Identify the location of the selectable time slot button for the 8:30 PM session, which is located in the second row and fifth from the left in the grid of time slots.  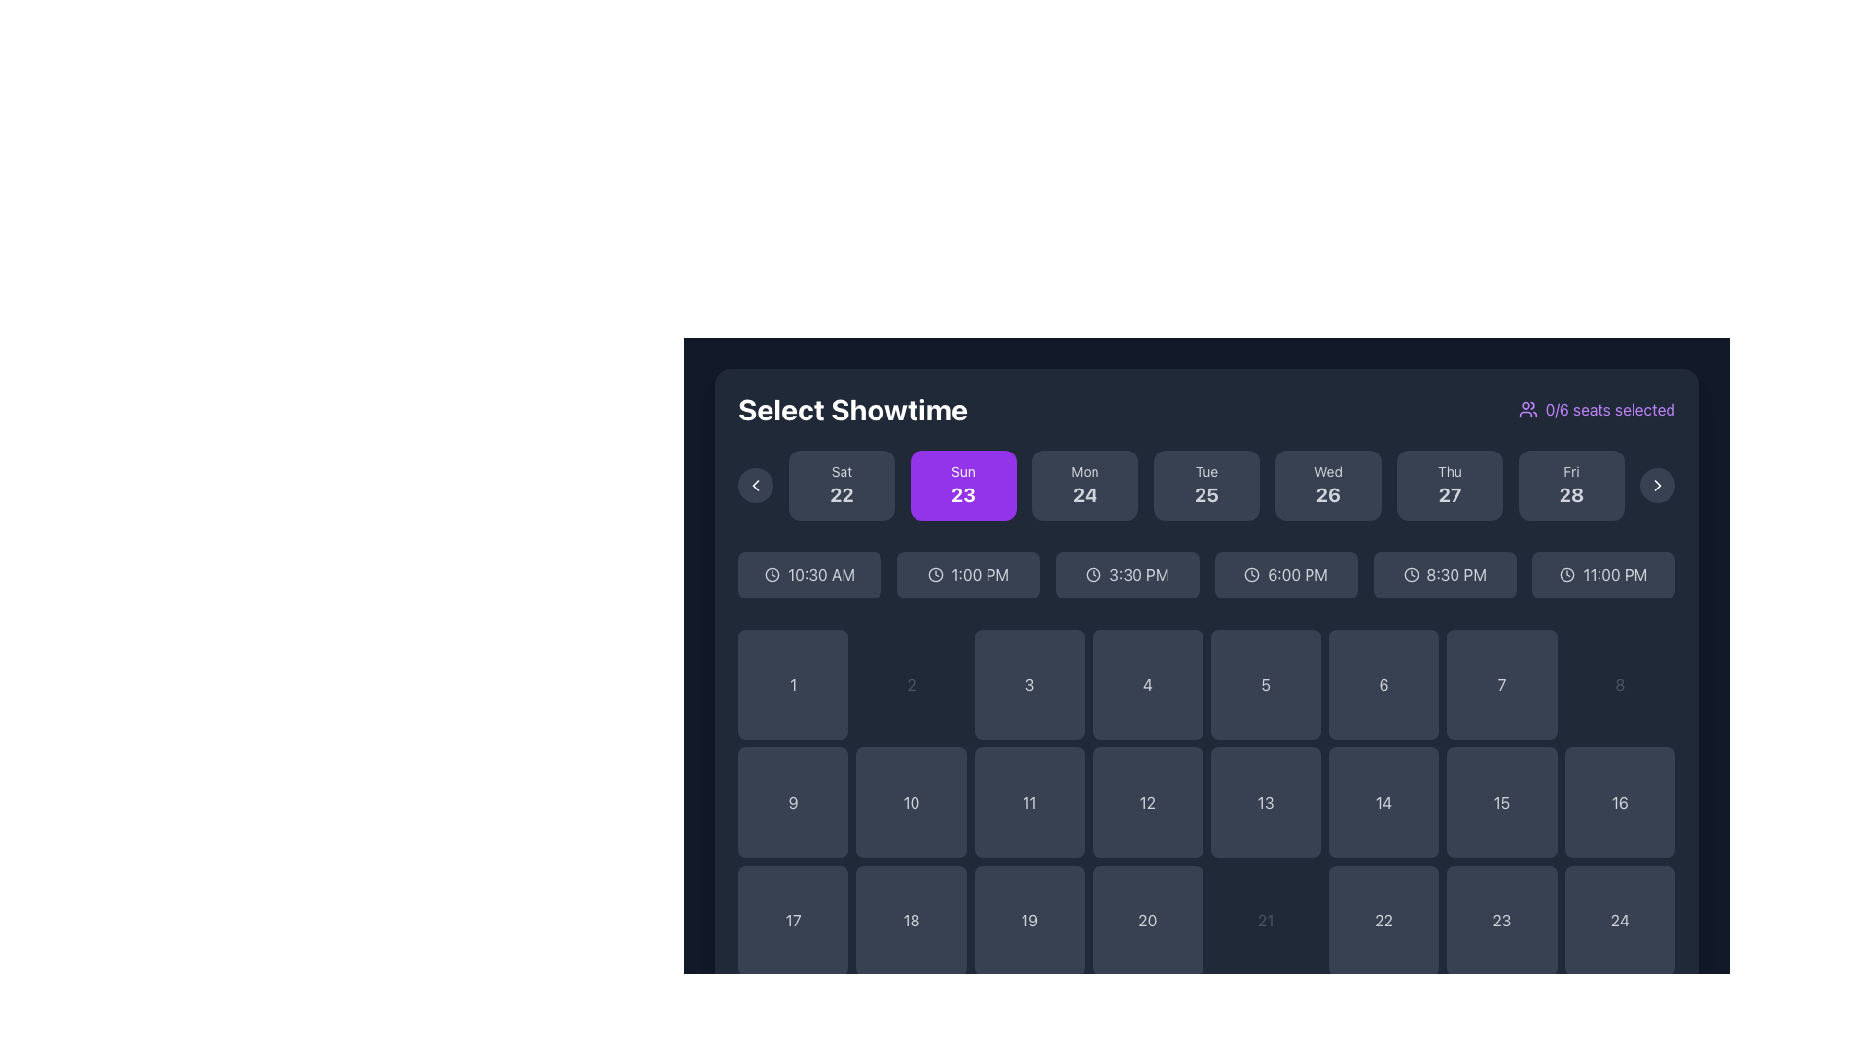
(1445, 573).